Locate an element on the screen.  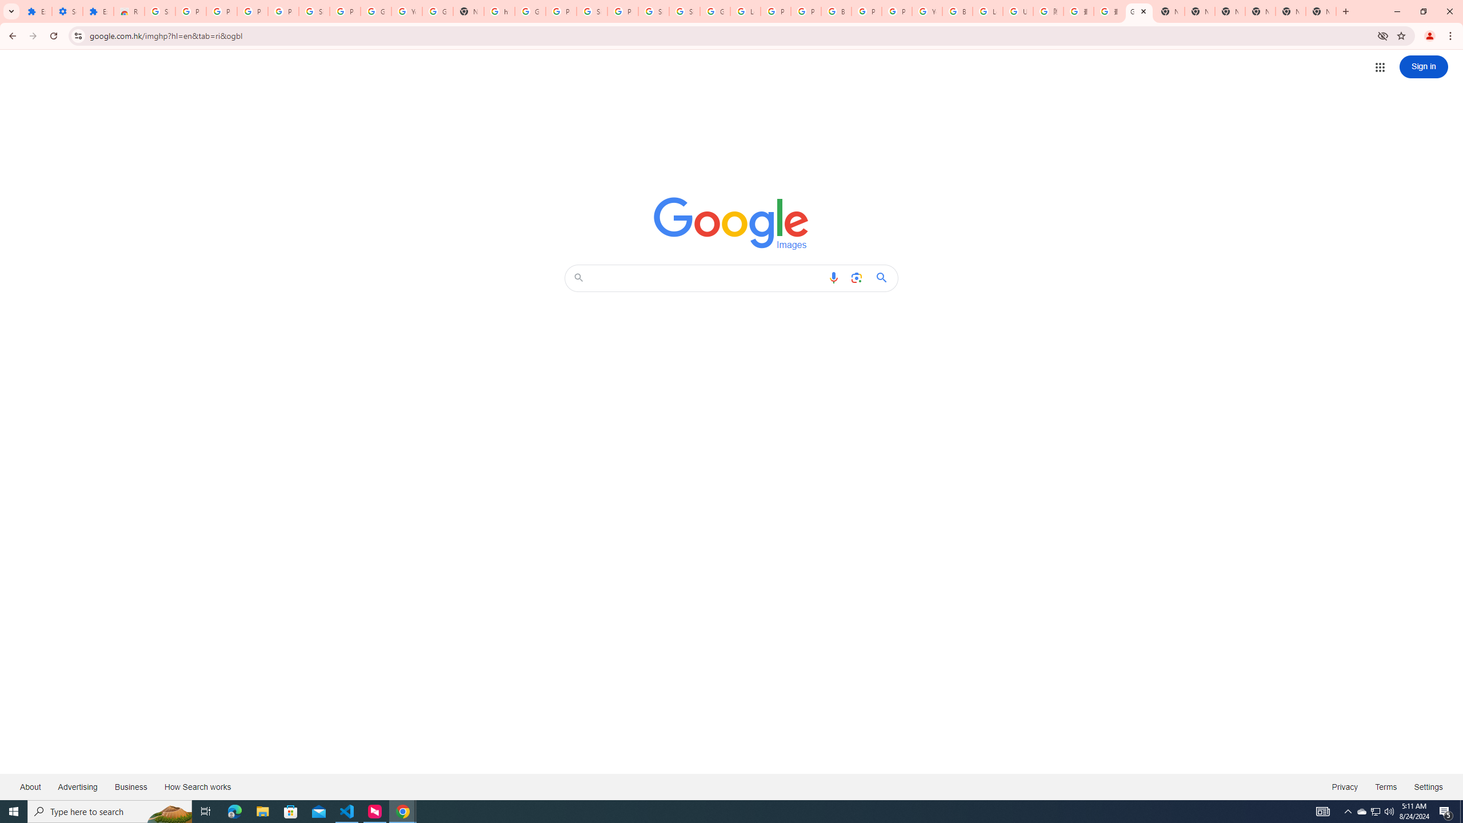
'Google Images' is located at coordinates (731, 223).